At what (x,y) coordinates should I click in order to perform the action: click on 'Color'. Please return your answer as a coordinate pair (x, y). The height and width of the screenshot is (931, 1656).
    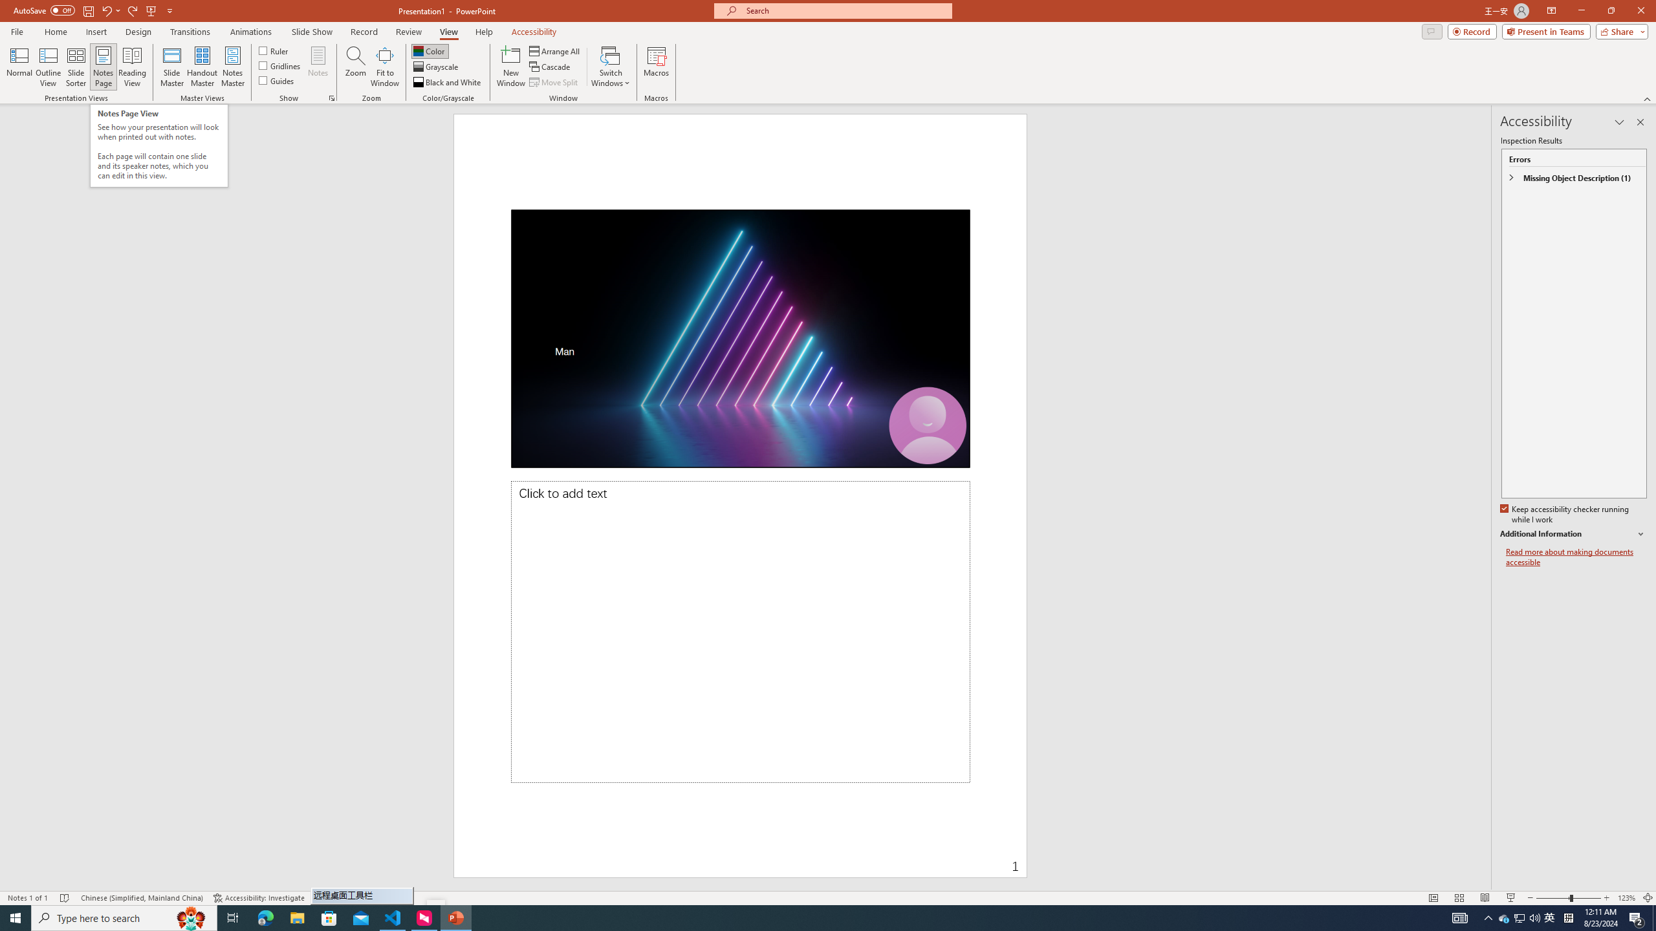
    Looking at the image, I should click on (430, 50).